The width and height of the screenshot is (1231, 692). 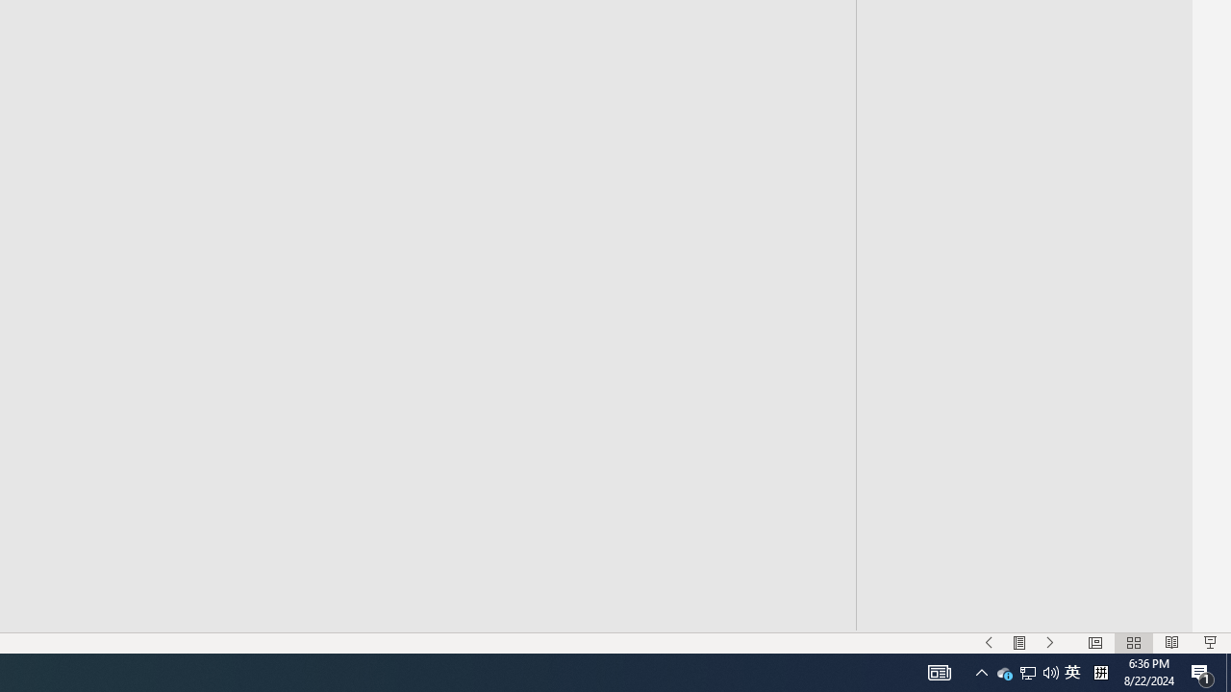 What do you see at coordinates (1133, 643) in the screenshot?
I see `'Slide Sorter'` at bounding box center [1133, 643].